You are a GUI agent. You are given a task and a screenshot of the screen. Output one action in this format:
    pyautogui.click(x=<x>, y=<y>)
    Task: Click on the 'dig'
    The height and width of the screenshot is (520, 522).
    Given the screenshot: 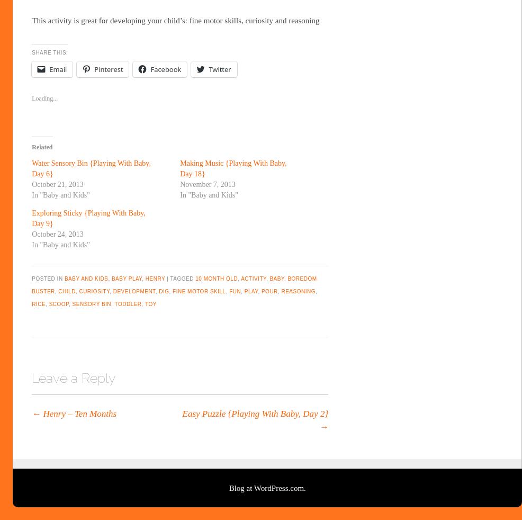 What is the action you would take?
    pyautogui.click(x=164, y=291)
    